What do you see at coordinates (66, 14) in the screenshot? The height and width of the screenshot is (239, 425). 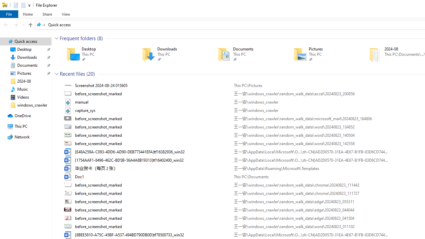 I see `'View'` at bounding box center [66, 14].